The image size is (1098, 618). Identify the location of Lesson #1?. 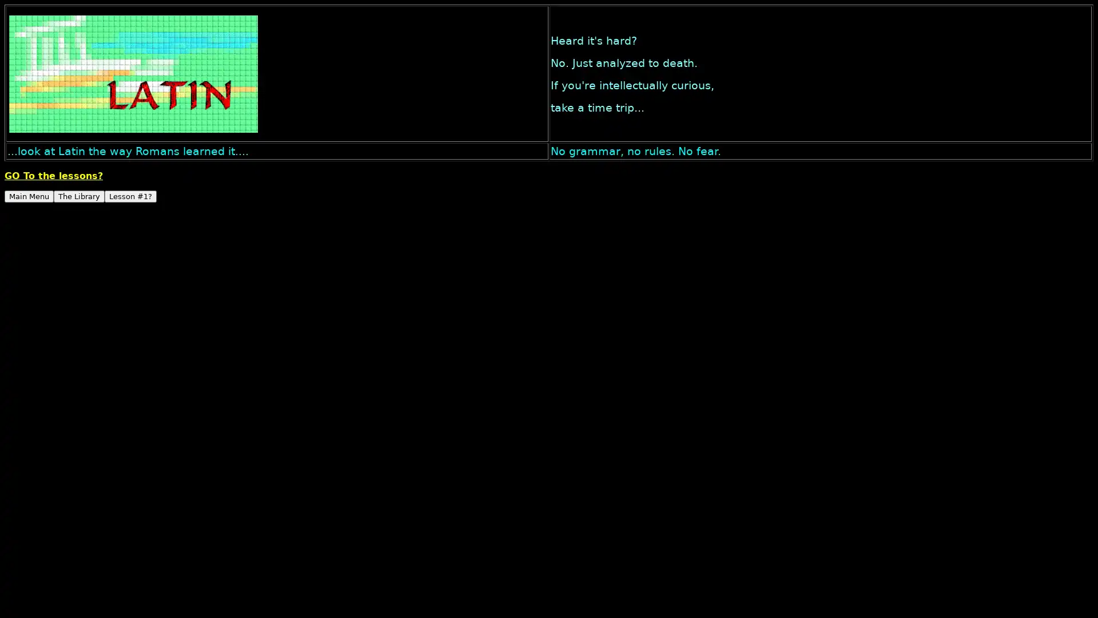
(130, 196).